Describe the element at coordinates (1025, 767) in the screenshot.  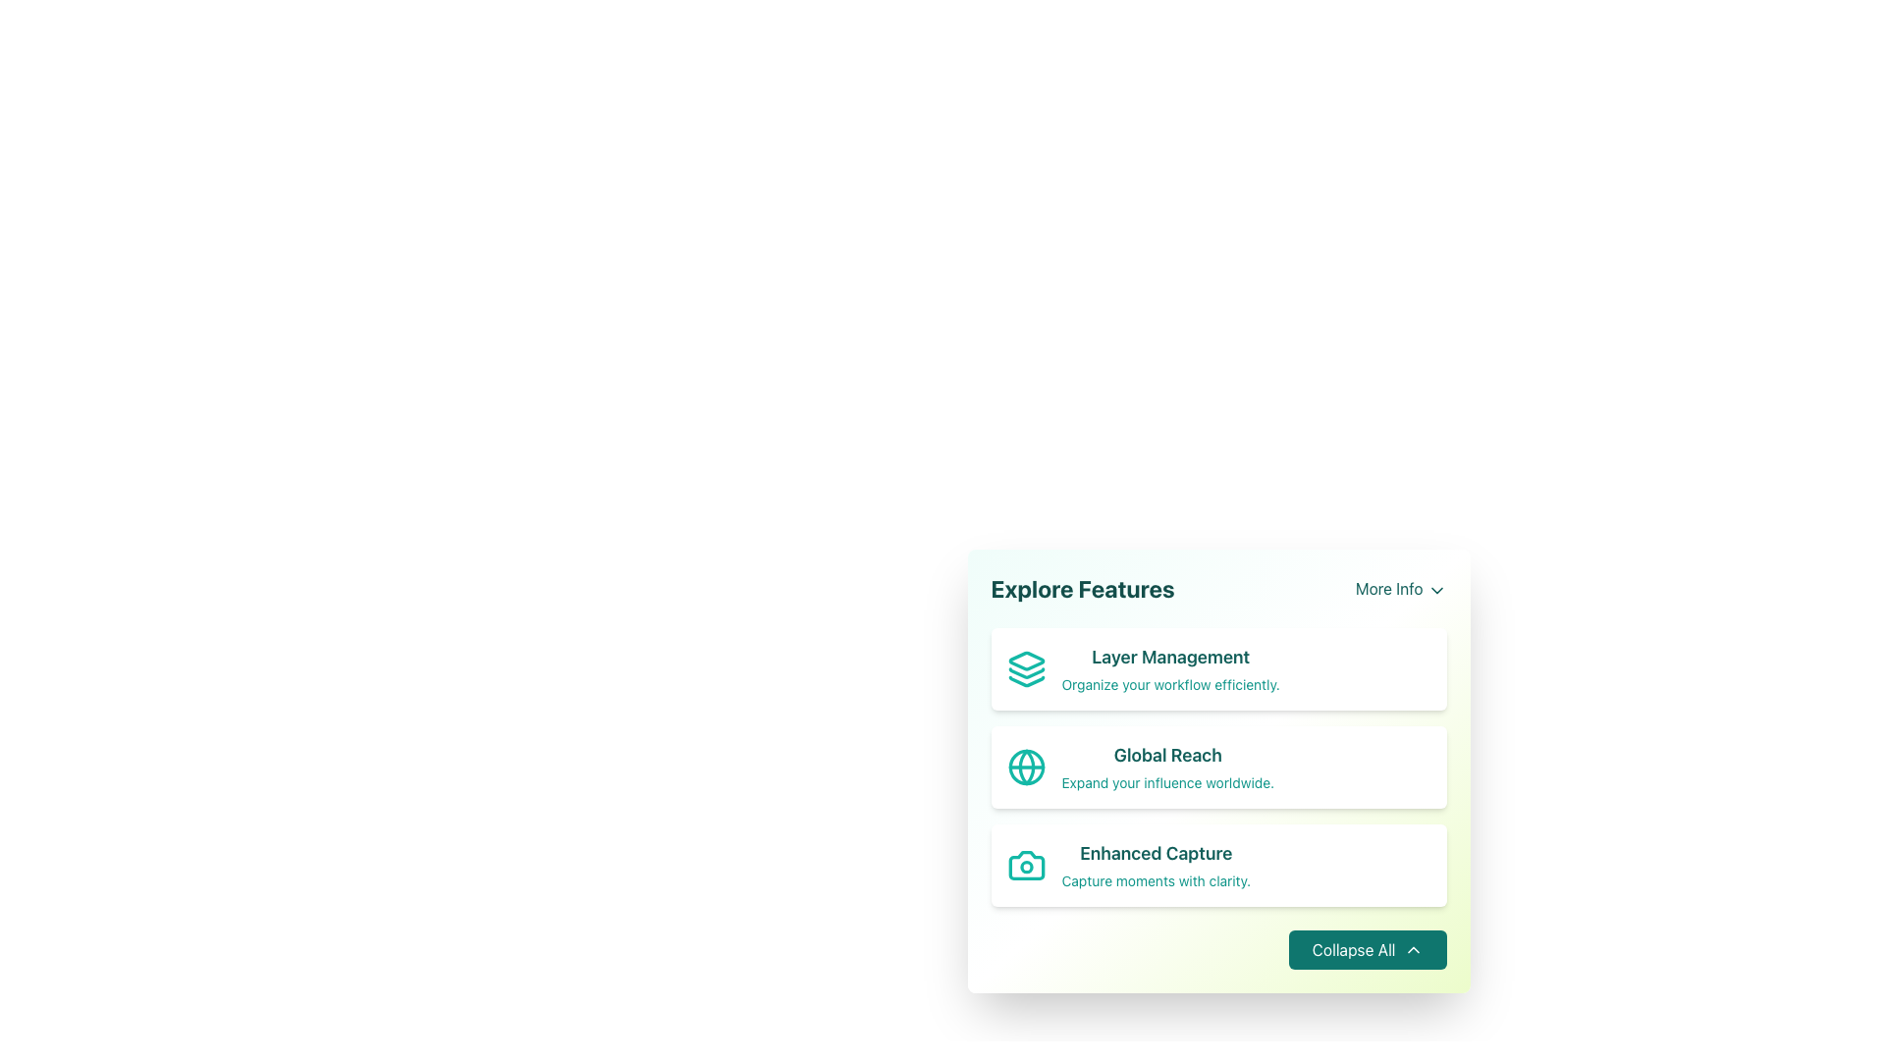
I see `the Decorative SVG Circle located at the center of the globe icon in the 'Global Reach' feature of the 'Explore Features' panel` at that location.